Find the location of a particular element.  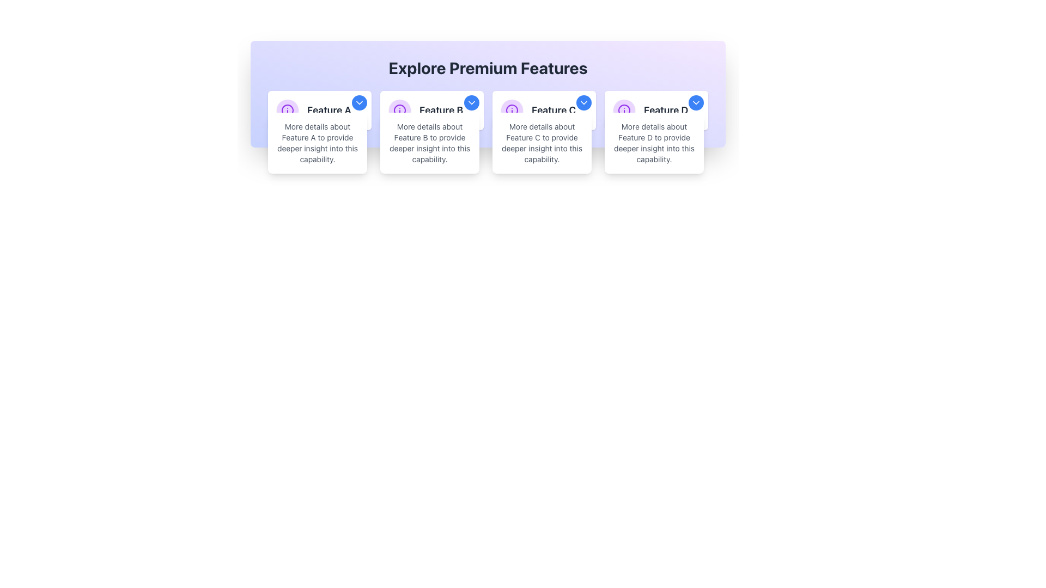

the SVG circle graphical element within the third feature card under 'Feature C' is located at coordinates (512, 111).